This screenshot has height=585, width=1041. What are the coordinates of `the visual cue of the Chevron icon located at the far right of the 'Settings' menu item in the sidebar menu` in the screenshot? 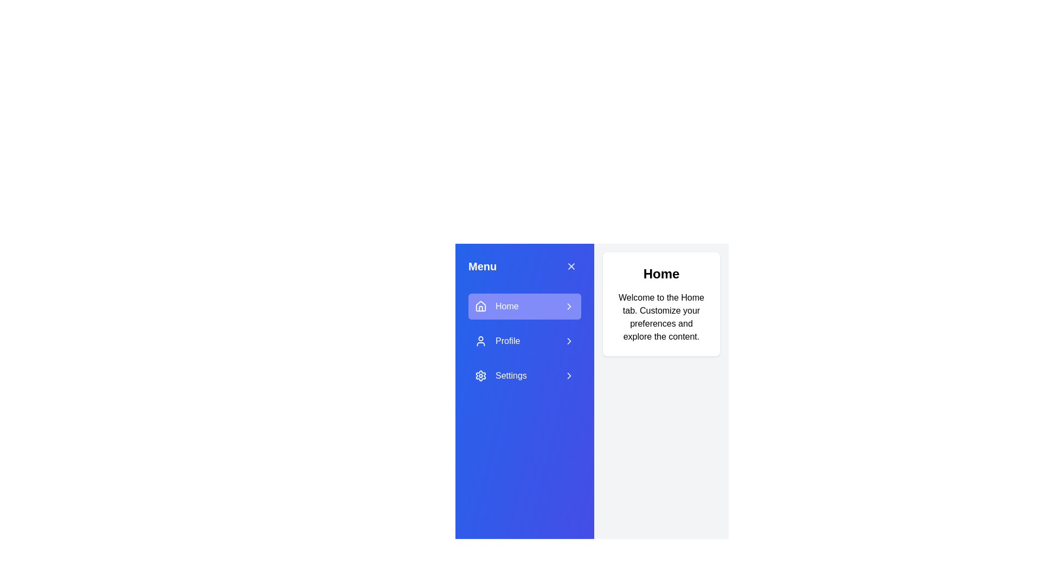 It's located at (569, 375).